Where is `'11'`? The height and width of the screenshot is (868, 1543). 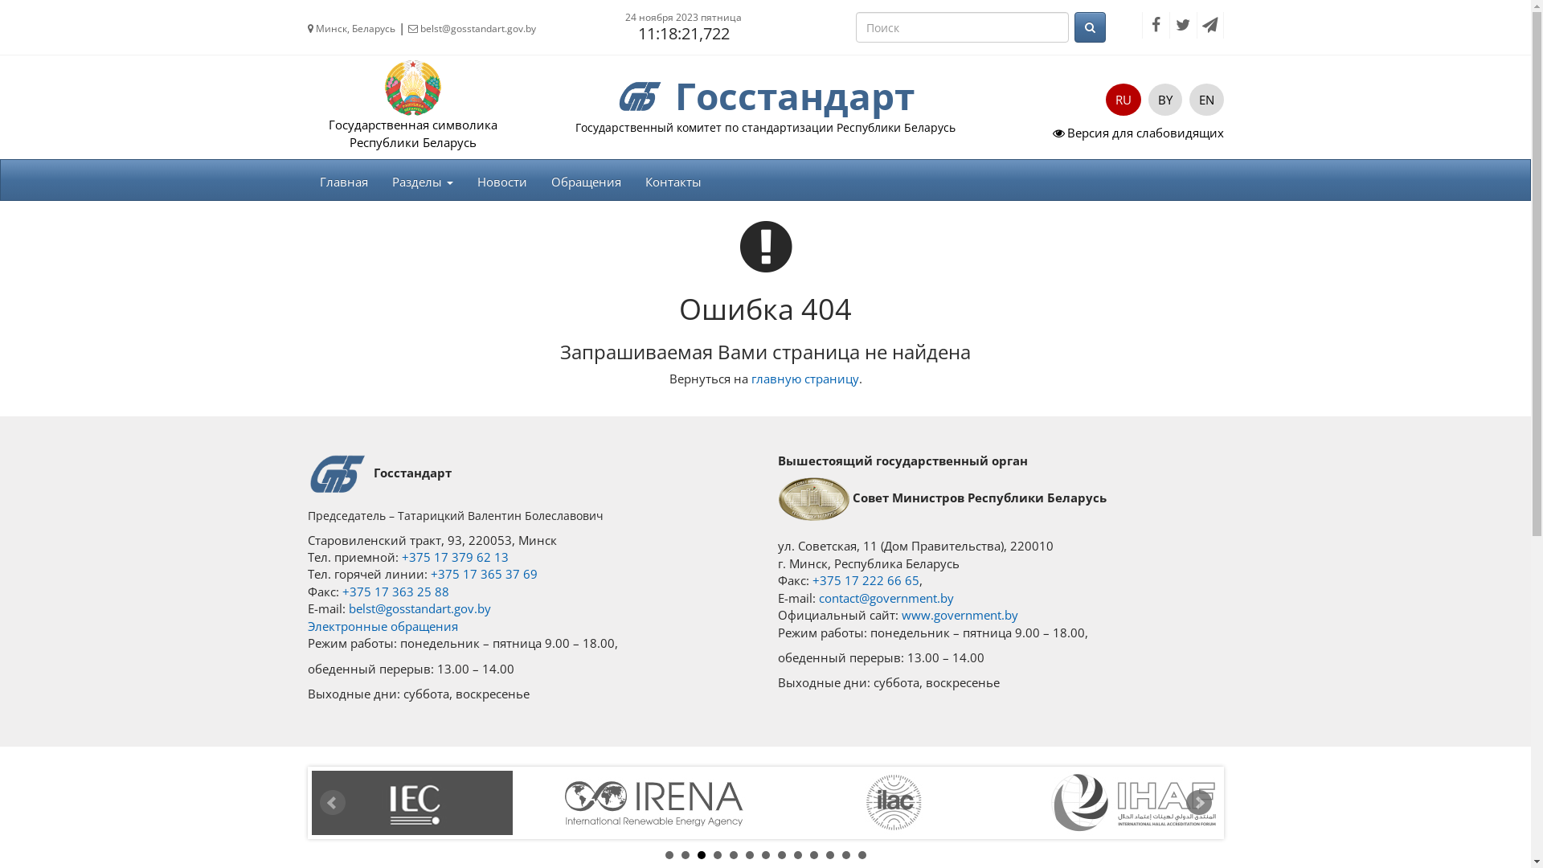 '11' is located at coordinates (829, 854).